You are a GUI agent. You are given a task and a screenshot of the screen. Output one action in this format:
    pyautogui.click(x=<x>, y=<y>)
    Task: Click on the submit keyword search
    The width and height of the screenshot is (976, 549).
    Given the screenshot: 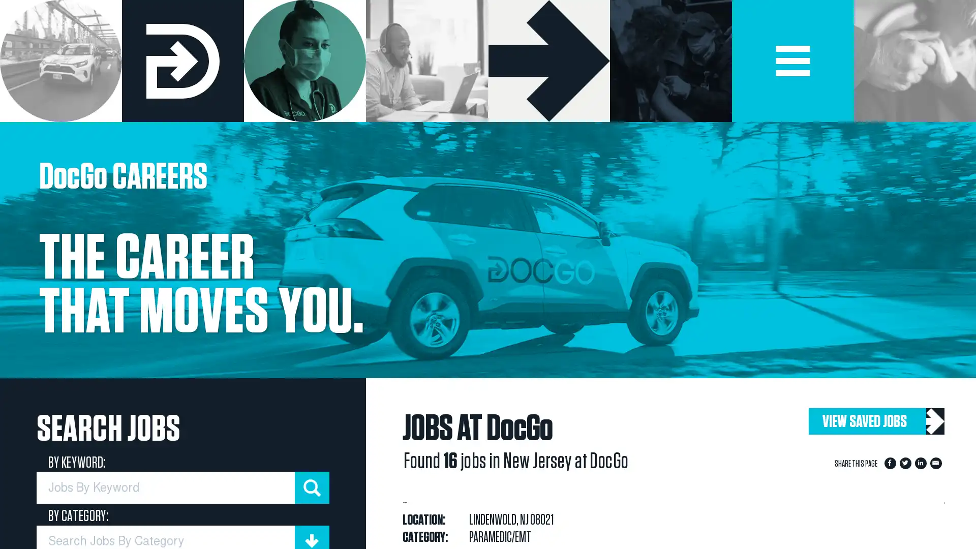 What is the action you would take?
    pyautogui.click(x=312, y=487)
    